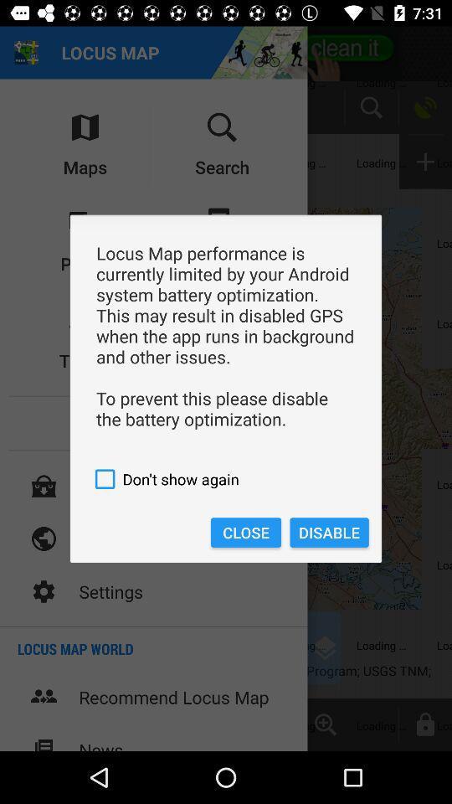  What do you see at coordinates (329, 532) in the screenshot?
I see `item on the right` at bounding box center [329, 532].